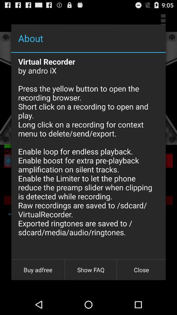 The height and width of the screenshot is (315, 177). Describe the element at coordinates (141, 270) in the screenshot. I see `the close button` at that location.